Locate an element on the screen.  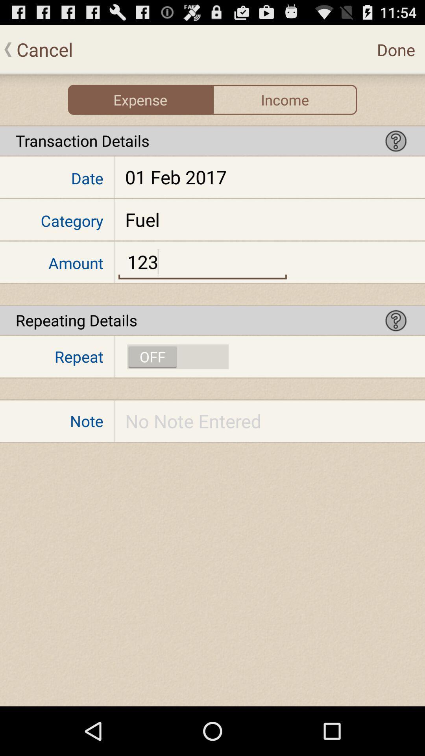
section help is located at coordinates (396, 320).